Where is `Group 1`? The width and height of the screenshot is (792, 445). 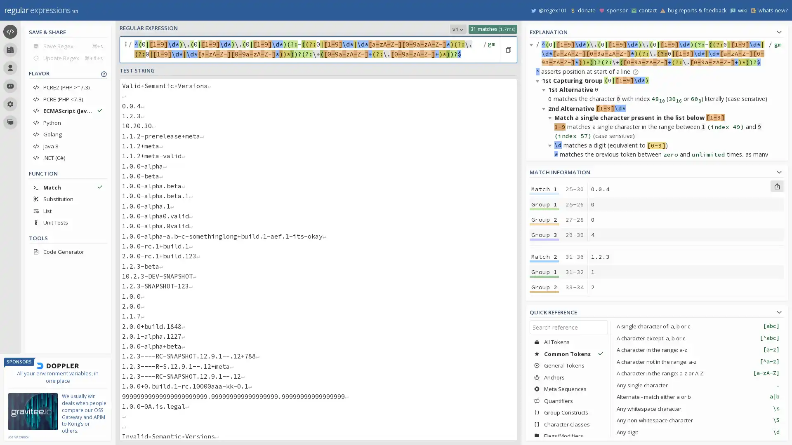 Group 1 is located at coordinates (544, 272).